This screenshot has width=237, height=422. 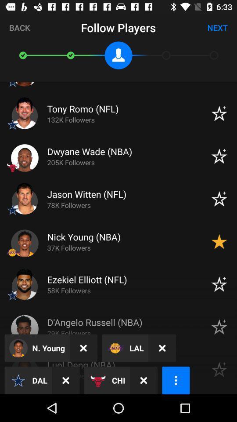 I want to click on the close icon, so click(x=144, y=380).